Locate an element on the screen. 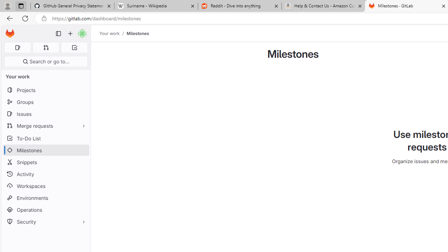 The width and height of the screenshot is (448, 252). 'Your work' is located at coordinates (109, 33).